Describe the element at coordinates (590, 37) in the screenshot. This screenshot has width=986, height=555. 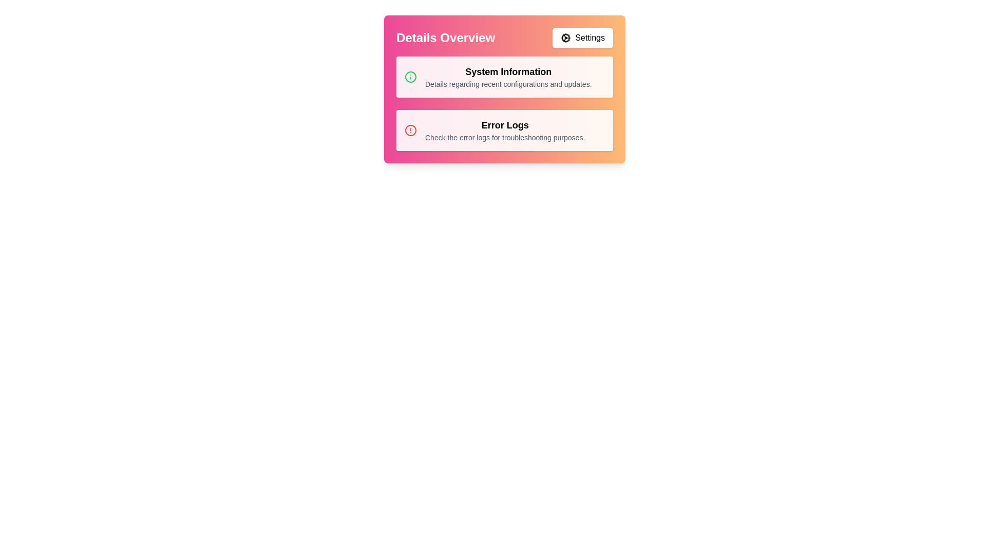
I see `the 'Settings' text label located in the top-right section of the card panel titled 'Details Overview'` at that location.